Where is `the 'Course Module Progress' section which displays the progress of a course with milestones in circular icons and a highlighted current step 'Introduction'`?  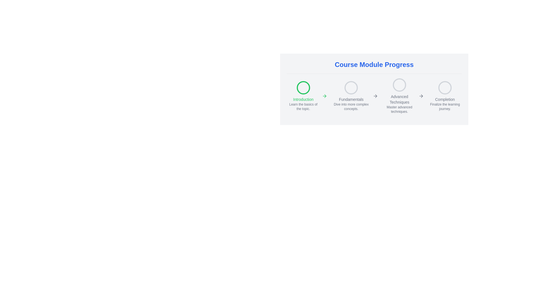 the 'Course Module Progress' section which displays the progress of a course with milestones in circular icons and a highlighted current step 'Introduction' is located at coordinates (374, 89).